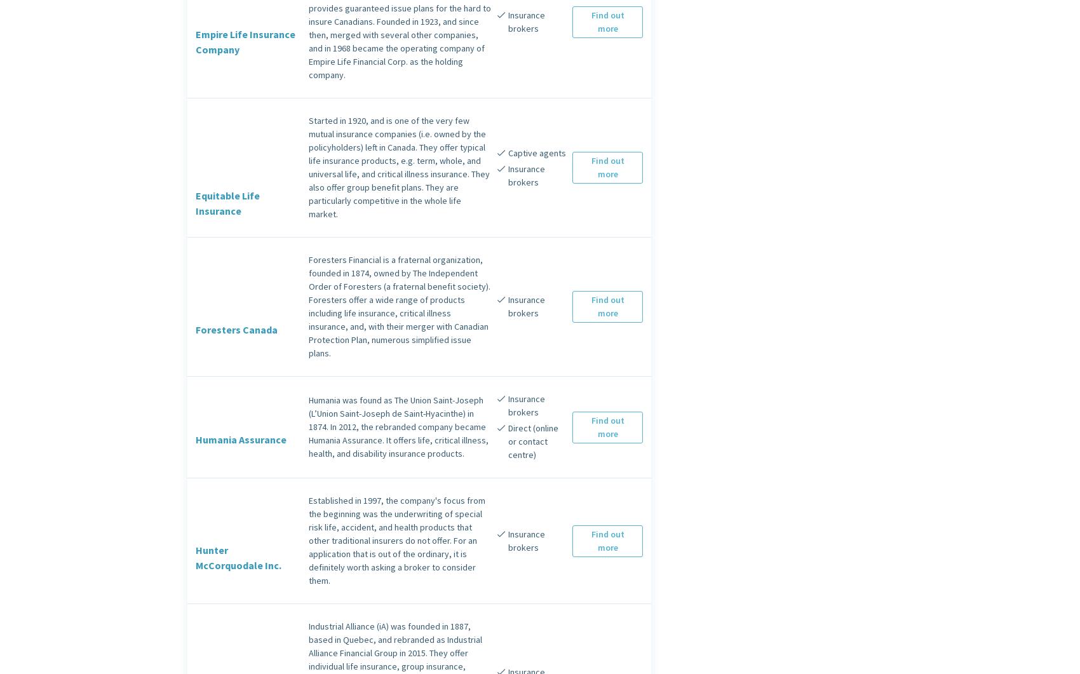  Describe the element at coordinates (536, 151) in the screenshot. I see `'Captive agents'` at that location.